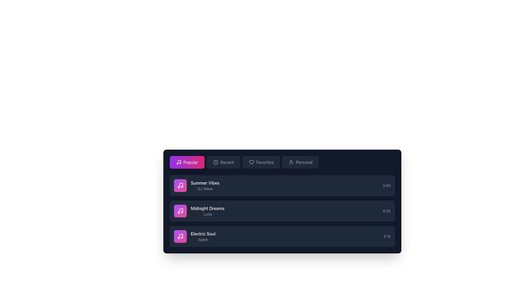 This screenshot has height=286, width=510. What do you see at coordinates (386, 211) in the screenshot?
I see `the Text Label displaying the duration of the song 'Midnight Dreams Luna', located at the far right side of the card` at bounding box center [386, 211].